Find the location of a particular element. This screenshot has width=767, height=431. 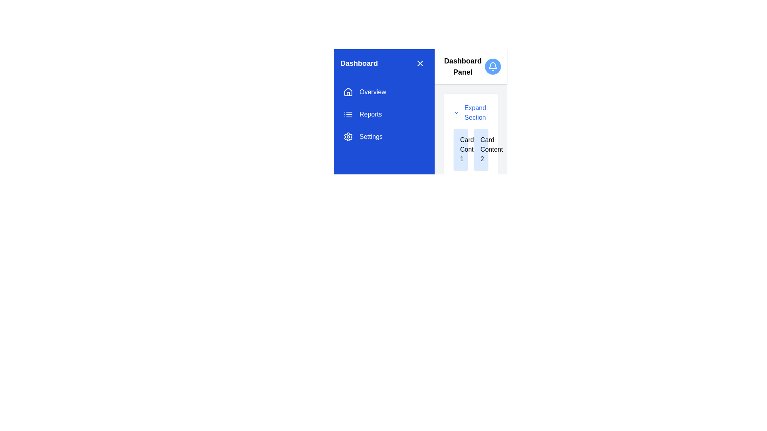

text from the 'Dashboard Panel' label located at the top-right section of the interface is located at coordinates (463, 66).